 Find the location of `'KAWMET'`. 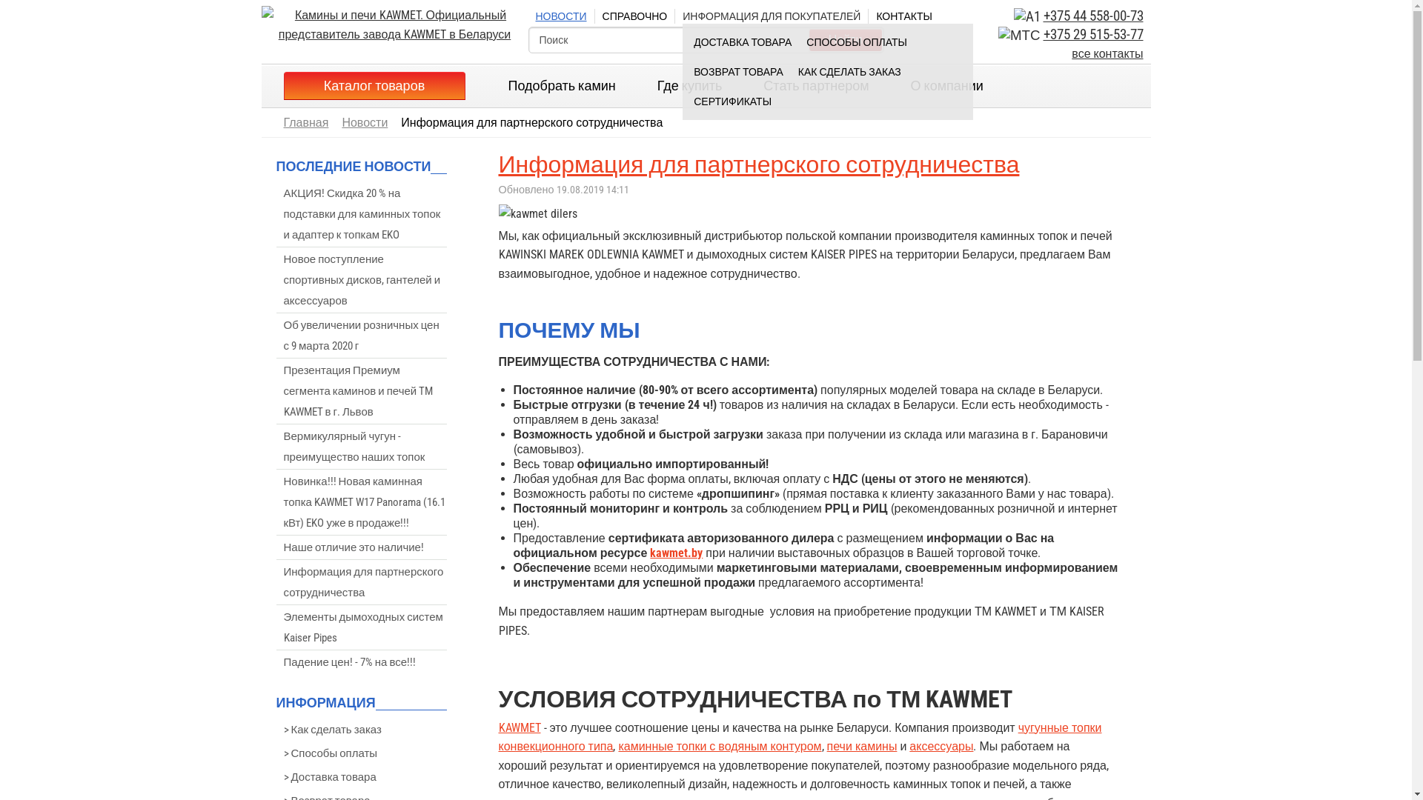

'KAWMET' is located at coordinates (519, 727).